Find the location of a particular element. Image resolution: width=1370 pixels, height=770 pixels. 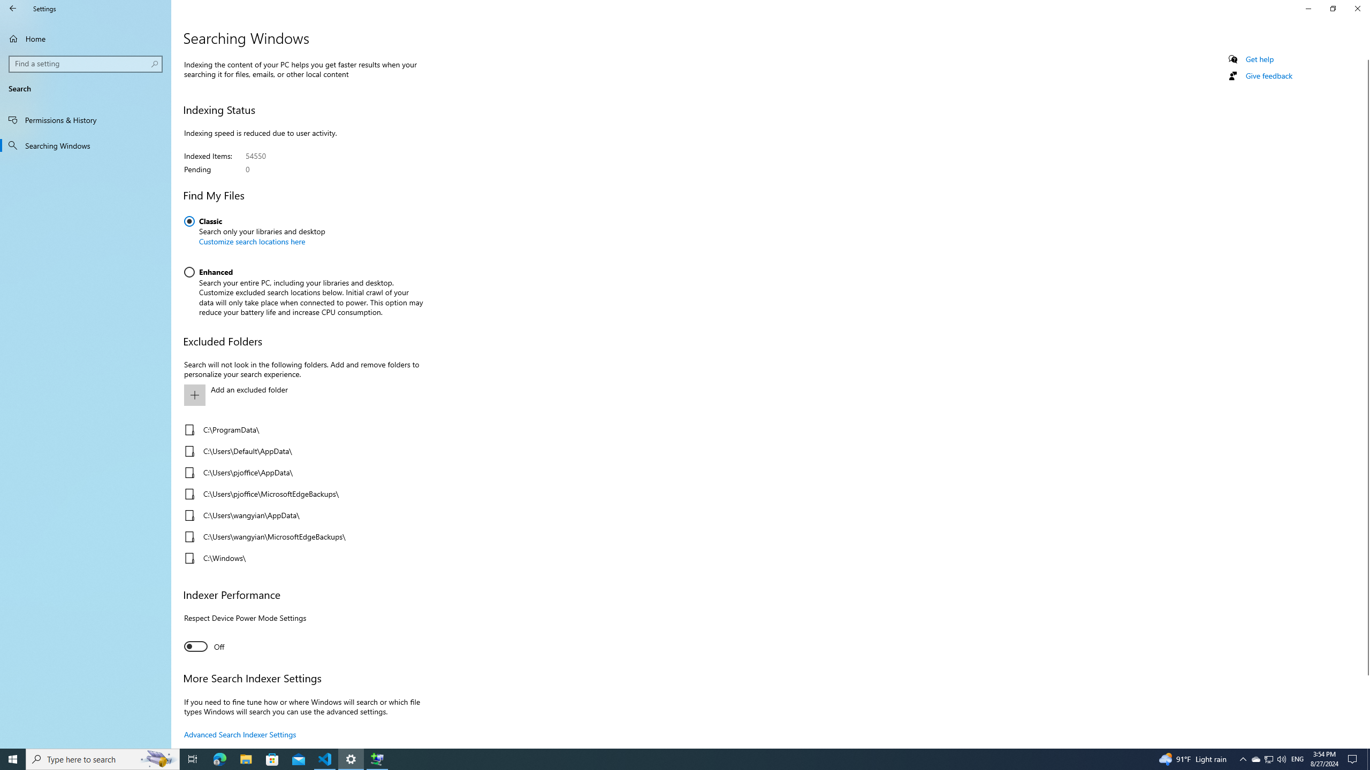

'Task View' is located at coordinates (192, 758).